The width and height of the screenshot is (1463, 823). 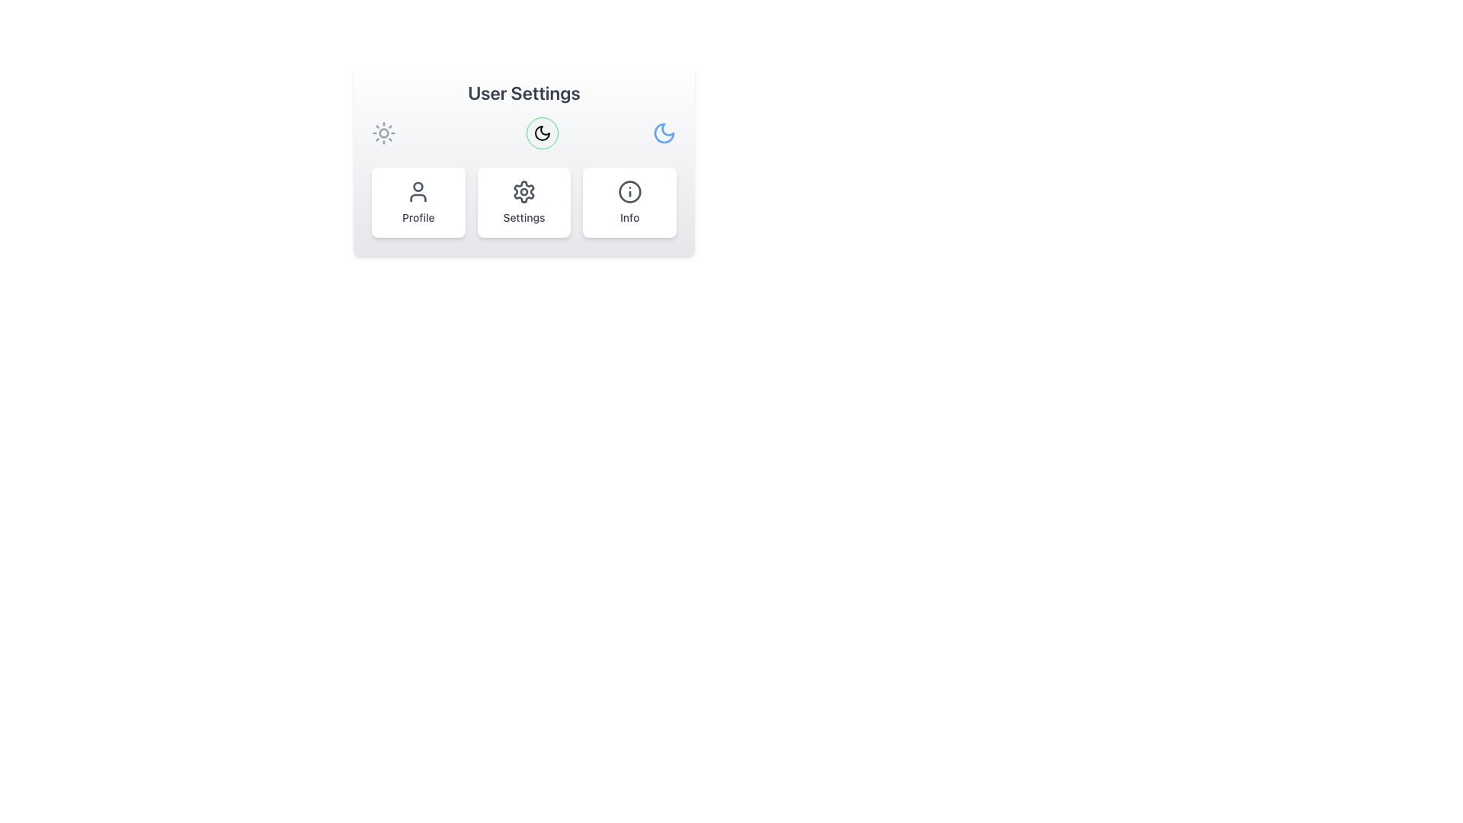 I want to click on the toggle switch with decorative icons for switching between light and dark mode in the 'User Settings' card, so click(x=523, y=132).